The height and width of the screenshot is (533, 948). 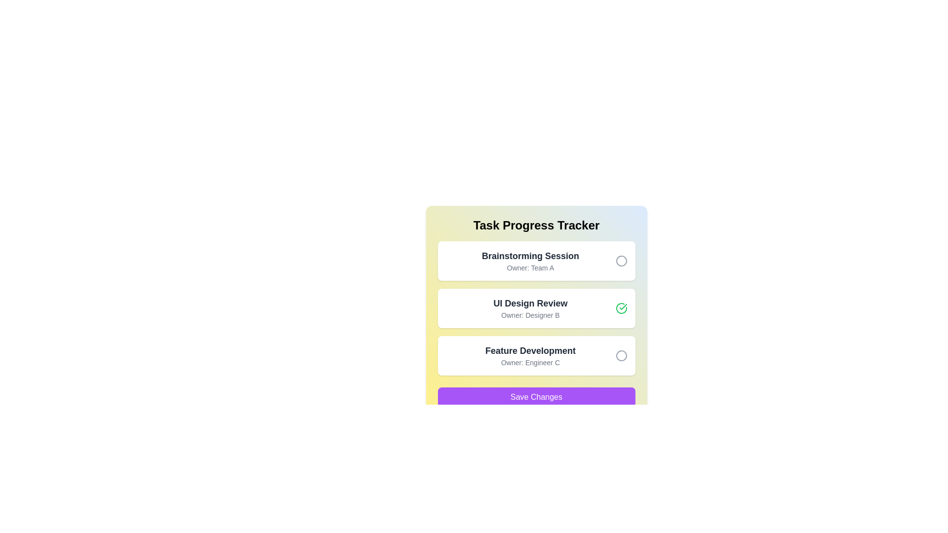 I want to click on the 'Save Changes' button to confirm the current state, so click(x=536, y=397).